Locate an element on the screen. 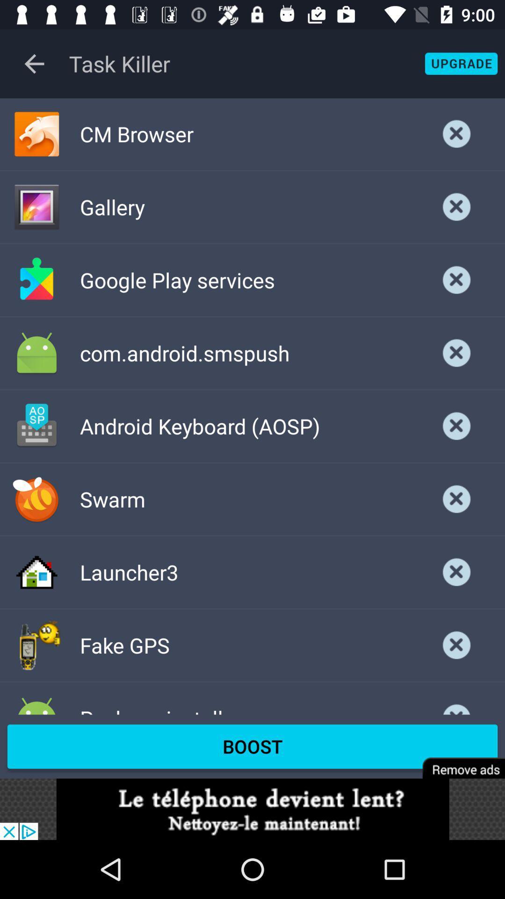  delete the program is located at coordinates (456, 499).